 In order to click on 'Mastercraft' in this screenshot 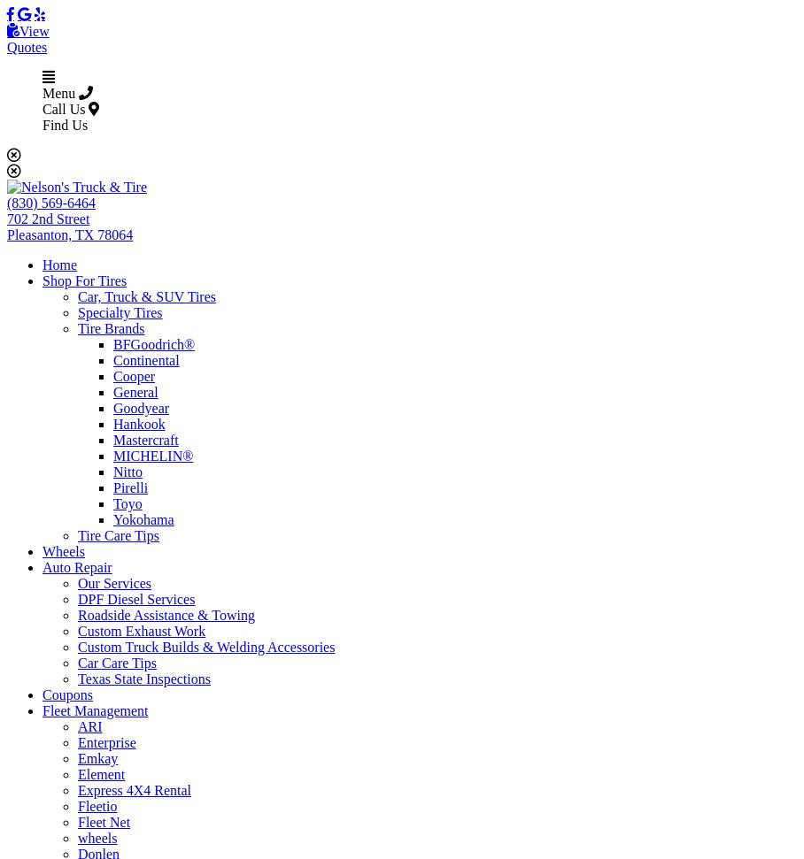, I will do `click(144, 439)`.